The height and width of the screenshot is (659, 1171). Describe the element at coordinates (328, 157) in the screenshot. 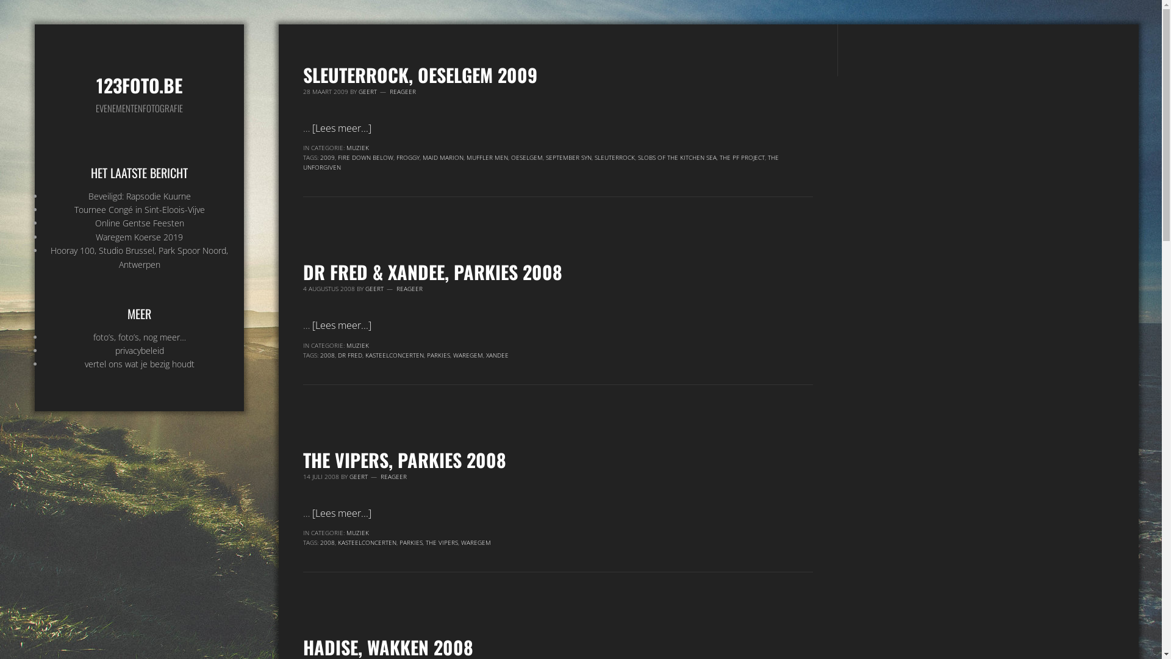

I see `'2009'` at that location.